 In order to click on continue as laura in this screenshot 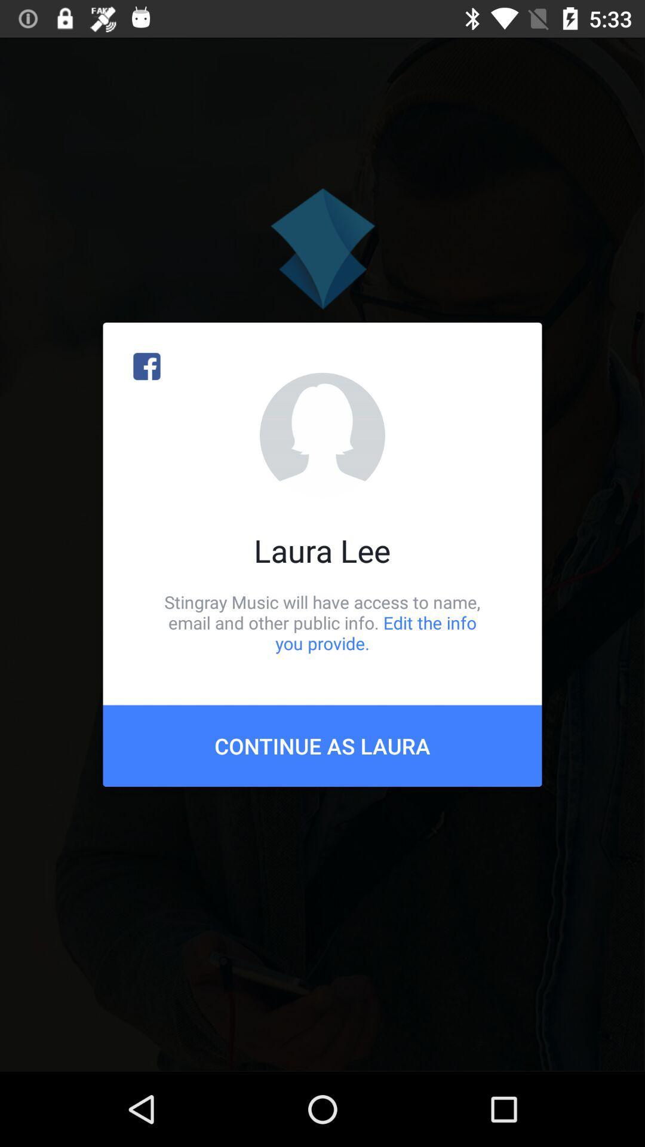, I will do `click(322, 745)`.